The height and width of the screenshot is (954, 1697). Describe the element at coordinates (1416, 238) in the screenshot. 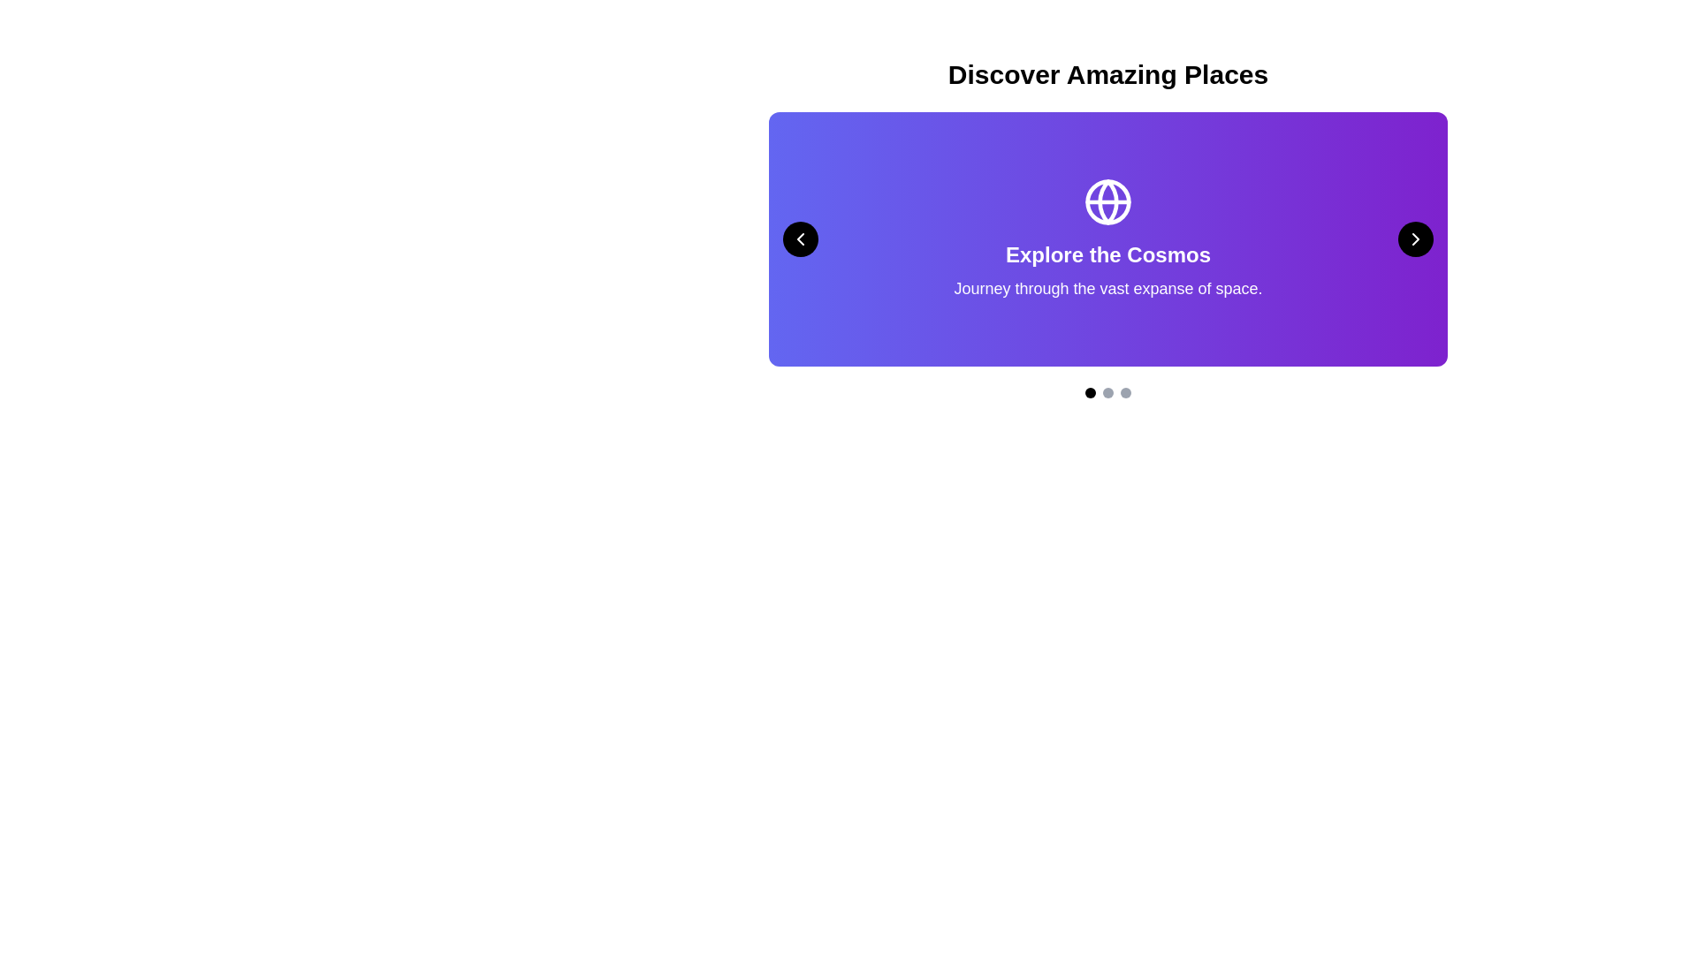

I see `the right-pointing chevron icon button with a black background and white border, positioned in the middle of the rectangular card's right side` at that location.